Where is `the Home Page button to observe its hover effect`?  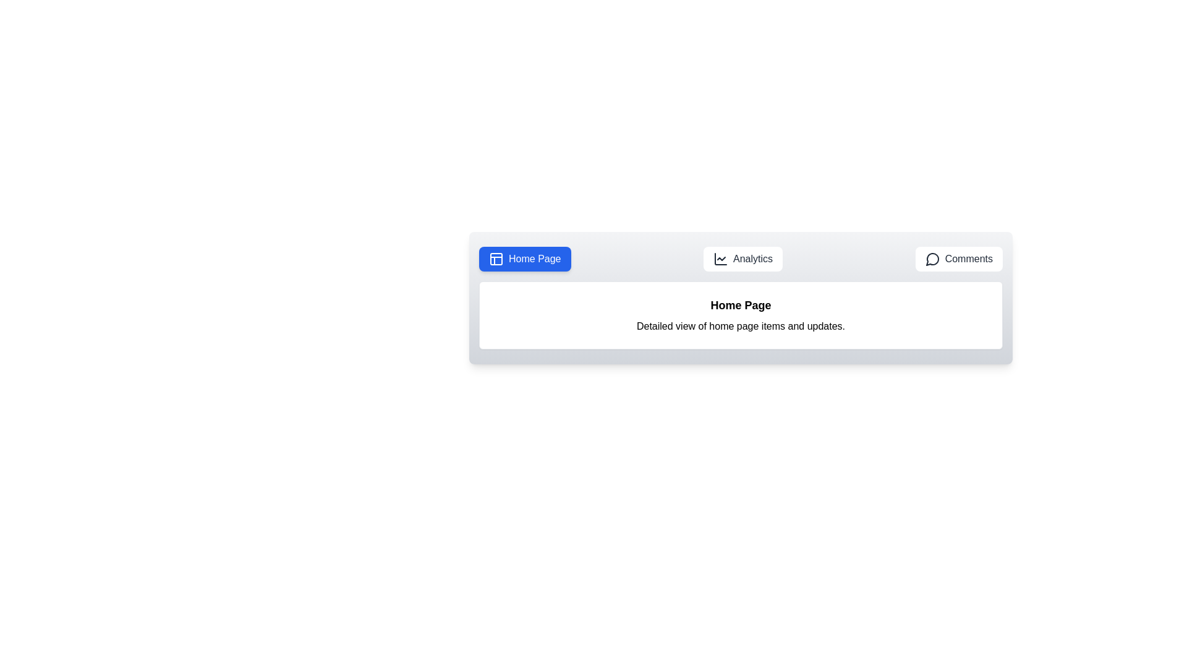
the Home Page button to observe its hover effect is located at coordinates (525, 259).